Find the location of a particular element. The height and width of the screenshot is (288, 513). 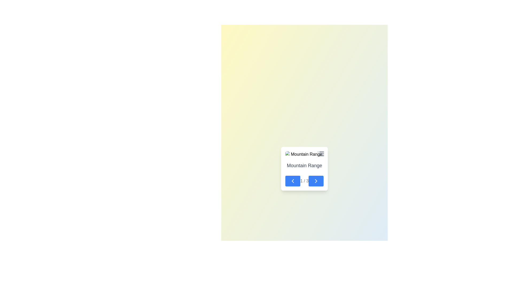

the chevron icon located at the bottom right of the card overlay interface is located at coordinates (316, 181).